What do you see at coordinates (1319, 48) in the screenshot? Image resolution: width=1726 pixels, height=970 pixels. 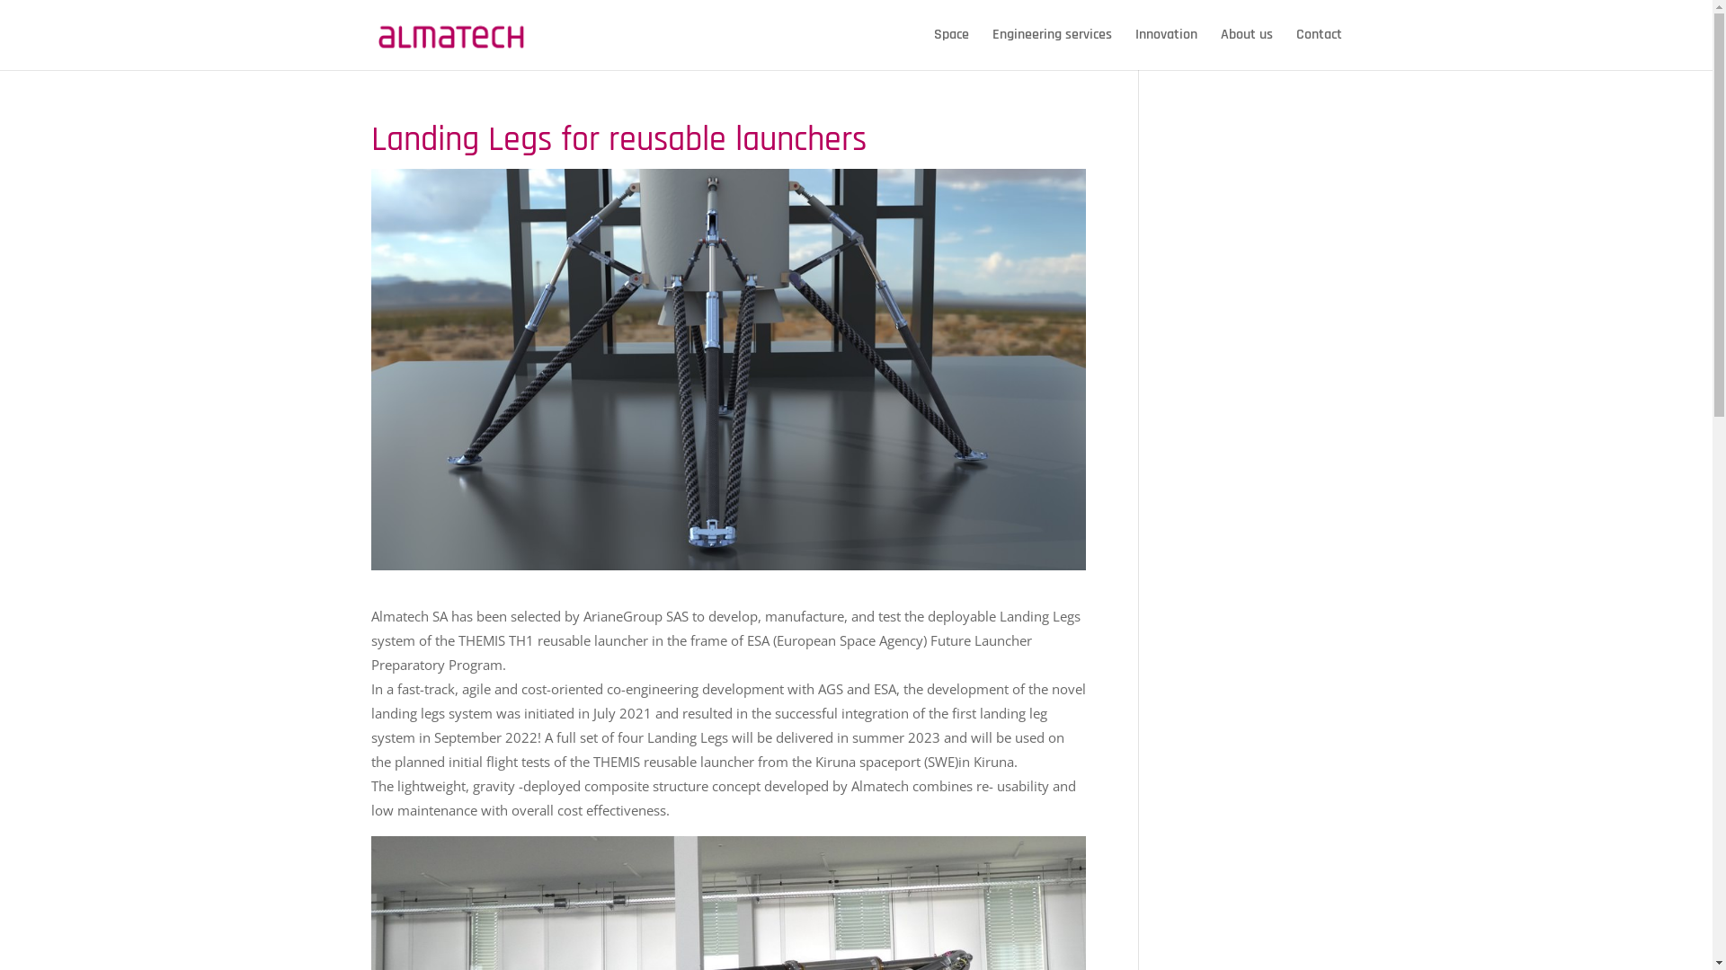 I see `'Contact'` at bounding box center [1319, 48].